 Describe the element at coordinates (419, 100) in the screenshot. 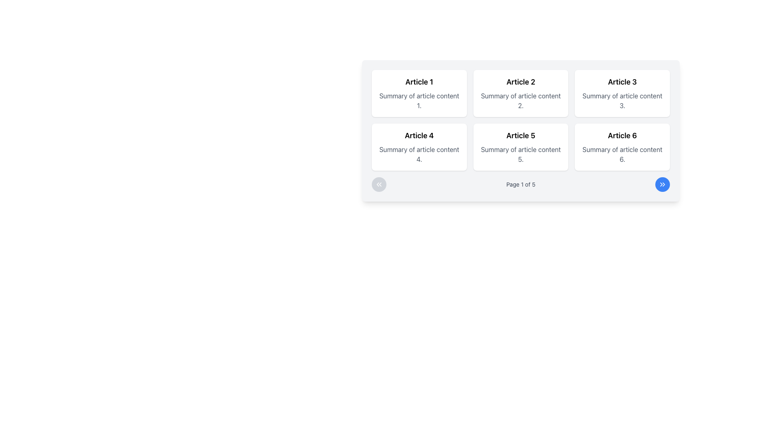

I see `the text component displaying 'Summary of article content 1.' located below the title 'Article 1' in the first article card` at that location.